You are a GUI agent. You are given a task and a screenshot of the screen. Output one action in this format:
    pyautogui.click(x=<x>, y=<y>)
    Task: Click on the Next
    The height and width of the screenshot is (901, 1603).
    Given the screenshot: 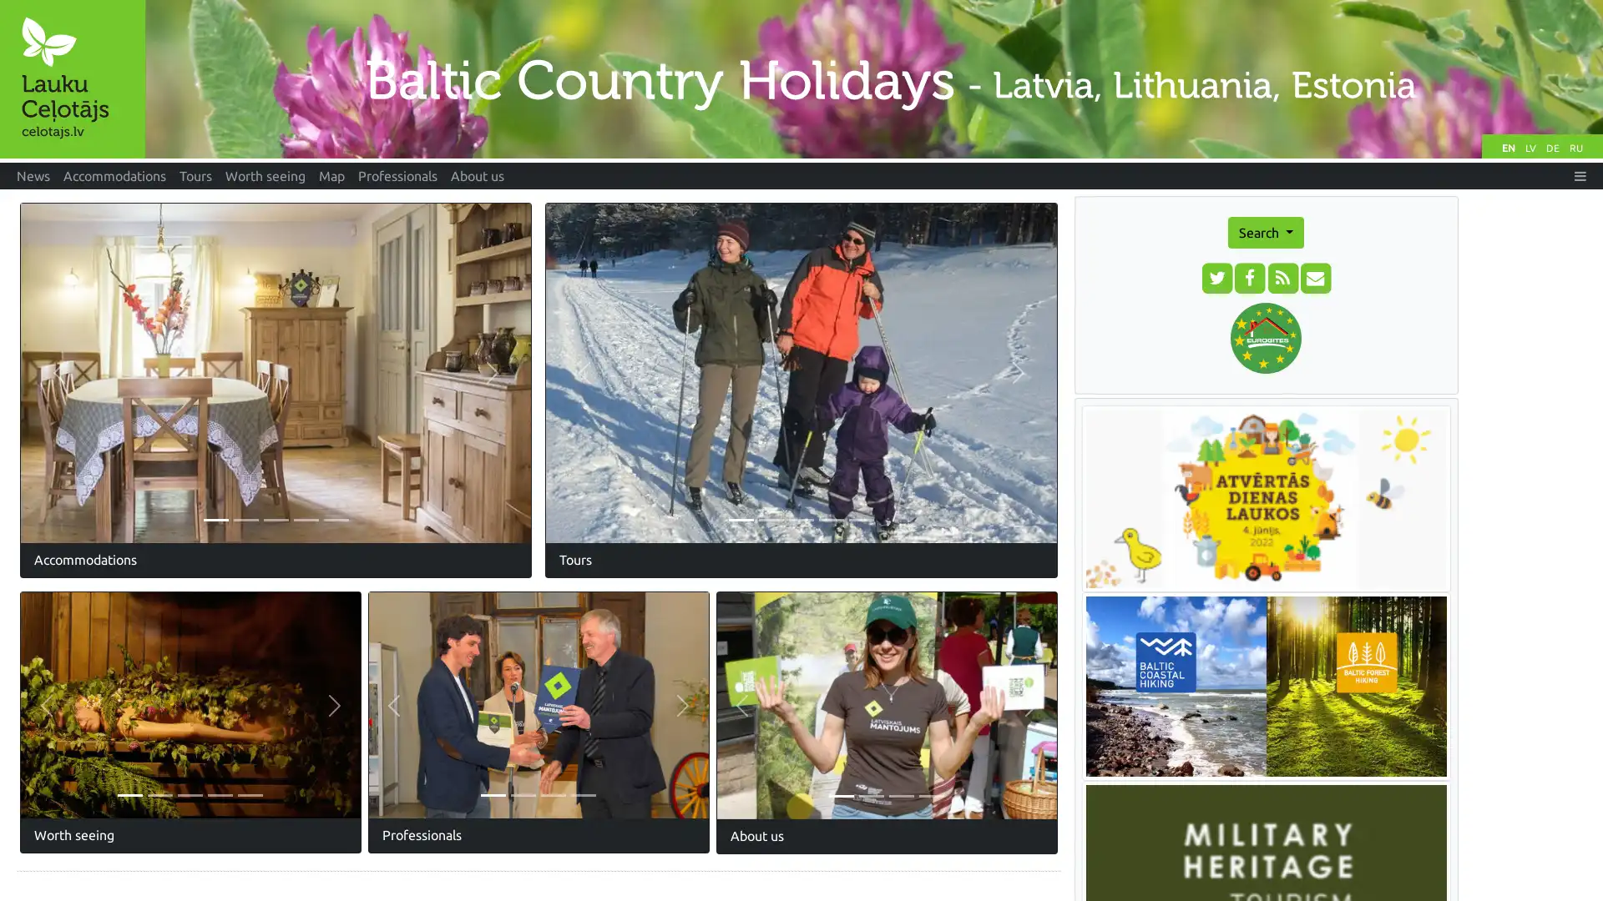 What is the action you would take?
    pyautogui.click(x=1017, y=372)
    